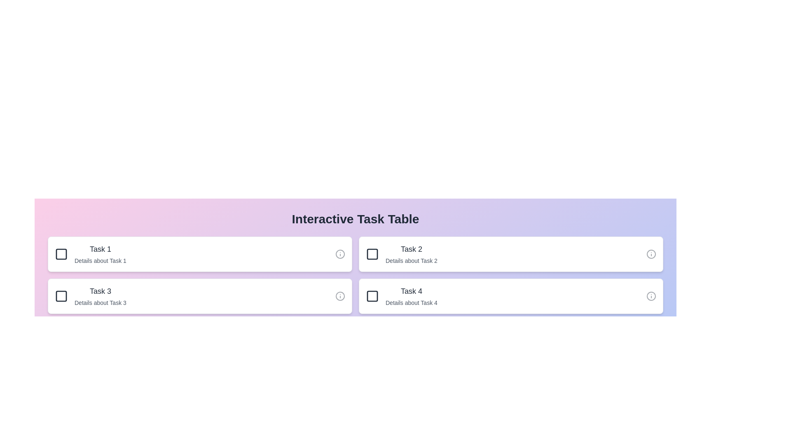 This screenshot has width=791, height=445. Describe the element at coordinates (372, 254) in the screenshot. I see `checkbox next to task 2 to mark it as completed` at that location.